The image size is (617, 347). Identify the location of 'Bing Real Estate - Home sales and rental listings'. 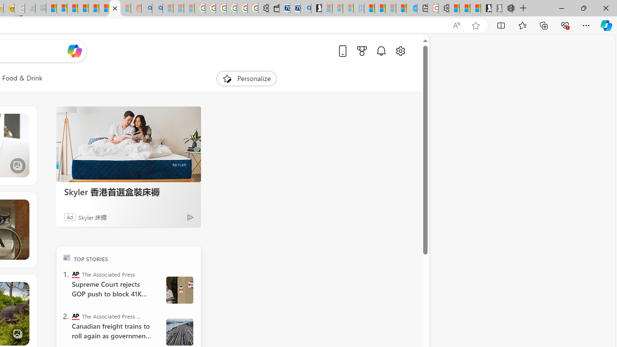
(305, 8).